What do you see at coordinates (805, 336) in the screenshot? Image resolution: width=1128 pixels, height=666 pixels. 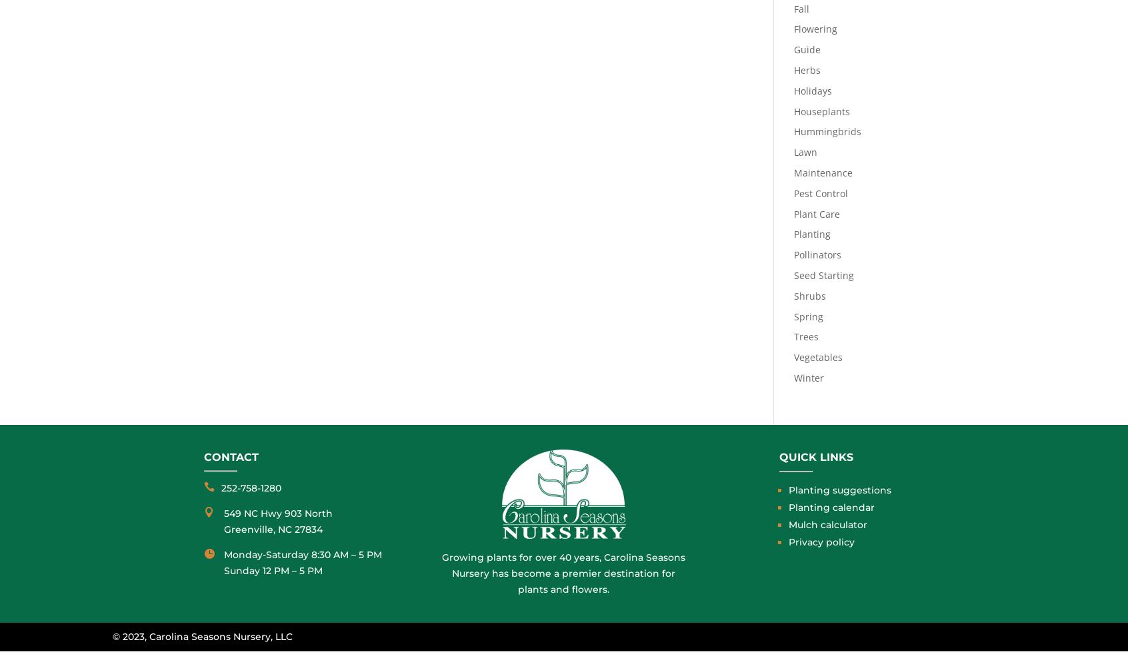 I see `'Trees'` at bounding box center [805, 336].